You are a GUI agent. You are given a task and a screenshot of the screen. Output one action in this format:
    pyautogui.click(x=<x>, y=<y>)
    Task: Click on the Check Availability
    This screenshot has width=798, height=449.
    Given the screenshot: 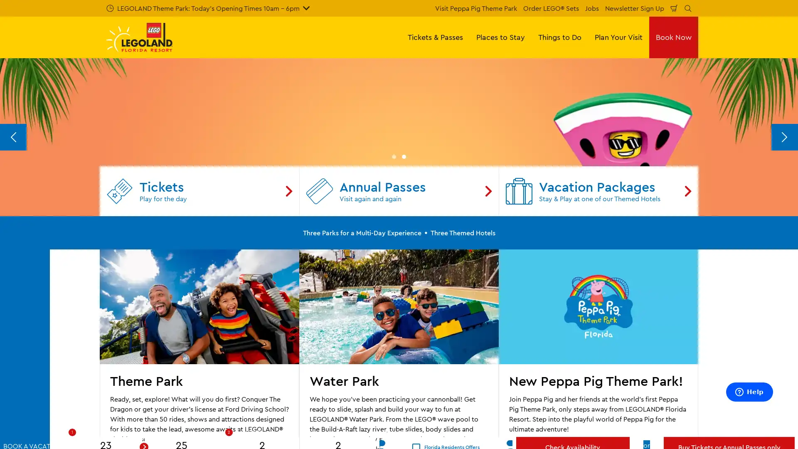 What is the action you would take?
    pyautogui.click(x=572, y=431)
    